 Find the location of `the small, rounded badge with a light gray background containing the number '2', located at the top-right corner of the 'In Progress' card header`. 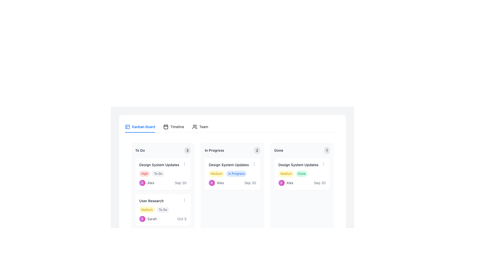

the small, rounded badge with a light gray background containing the number '2', located at the top-right corner of the 'In Progress' card header is located at coordinates (257, 150).